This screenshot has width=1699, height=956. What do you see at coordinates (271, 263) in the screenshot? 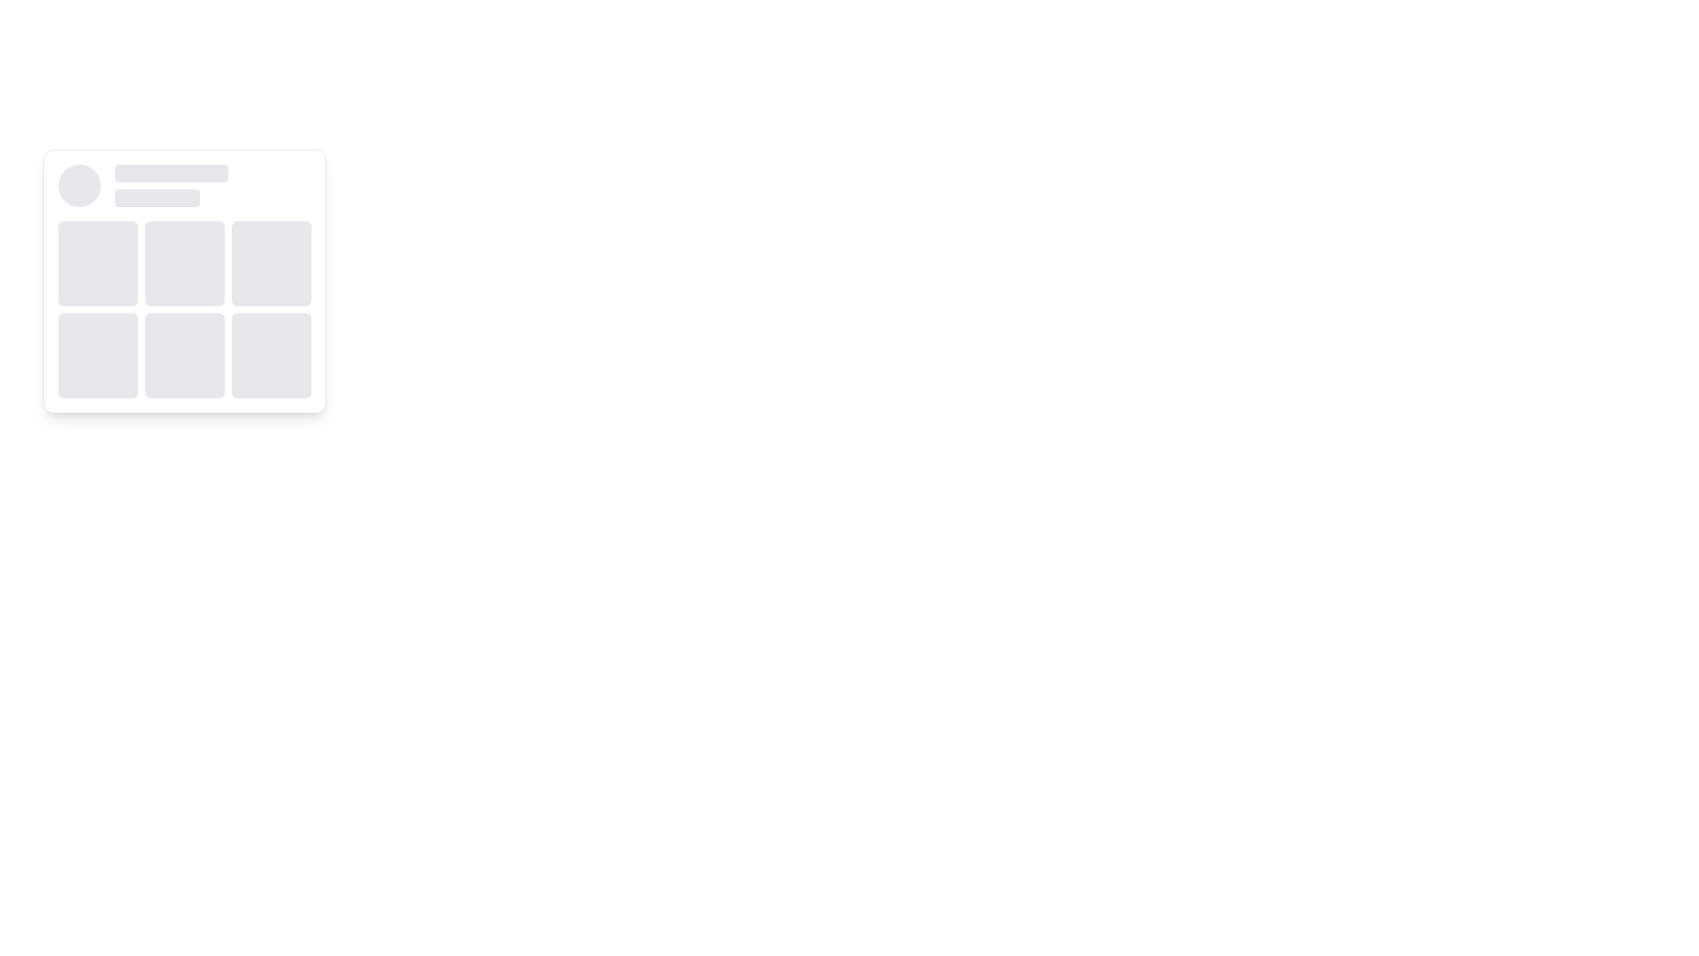
I see `the Decorative placeholder component located in the top-right corner of the grid layout, which has a gray background and rounded corners` at bounding box center [271, 263].